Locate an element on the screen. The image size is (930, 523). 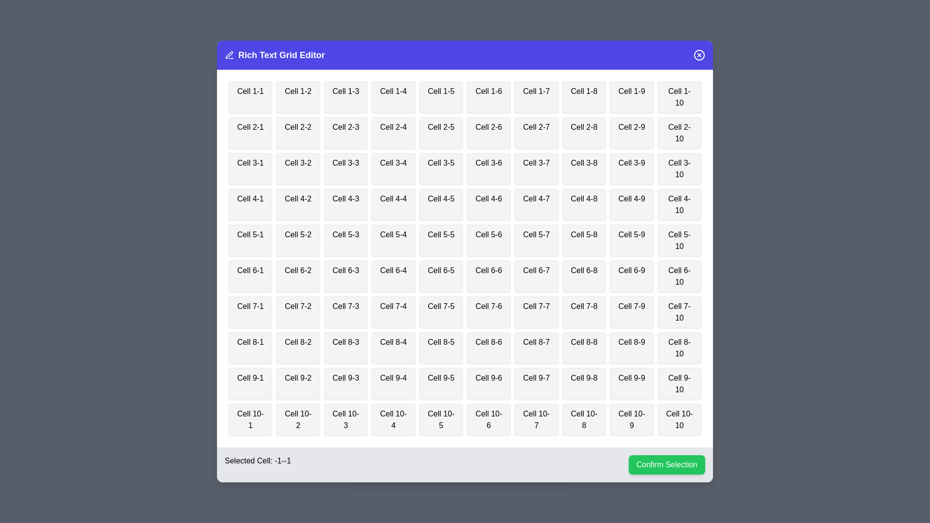
close button in the top-right corner of the editor dialog is located at coordinates (699, 55).